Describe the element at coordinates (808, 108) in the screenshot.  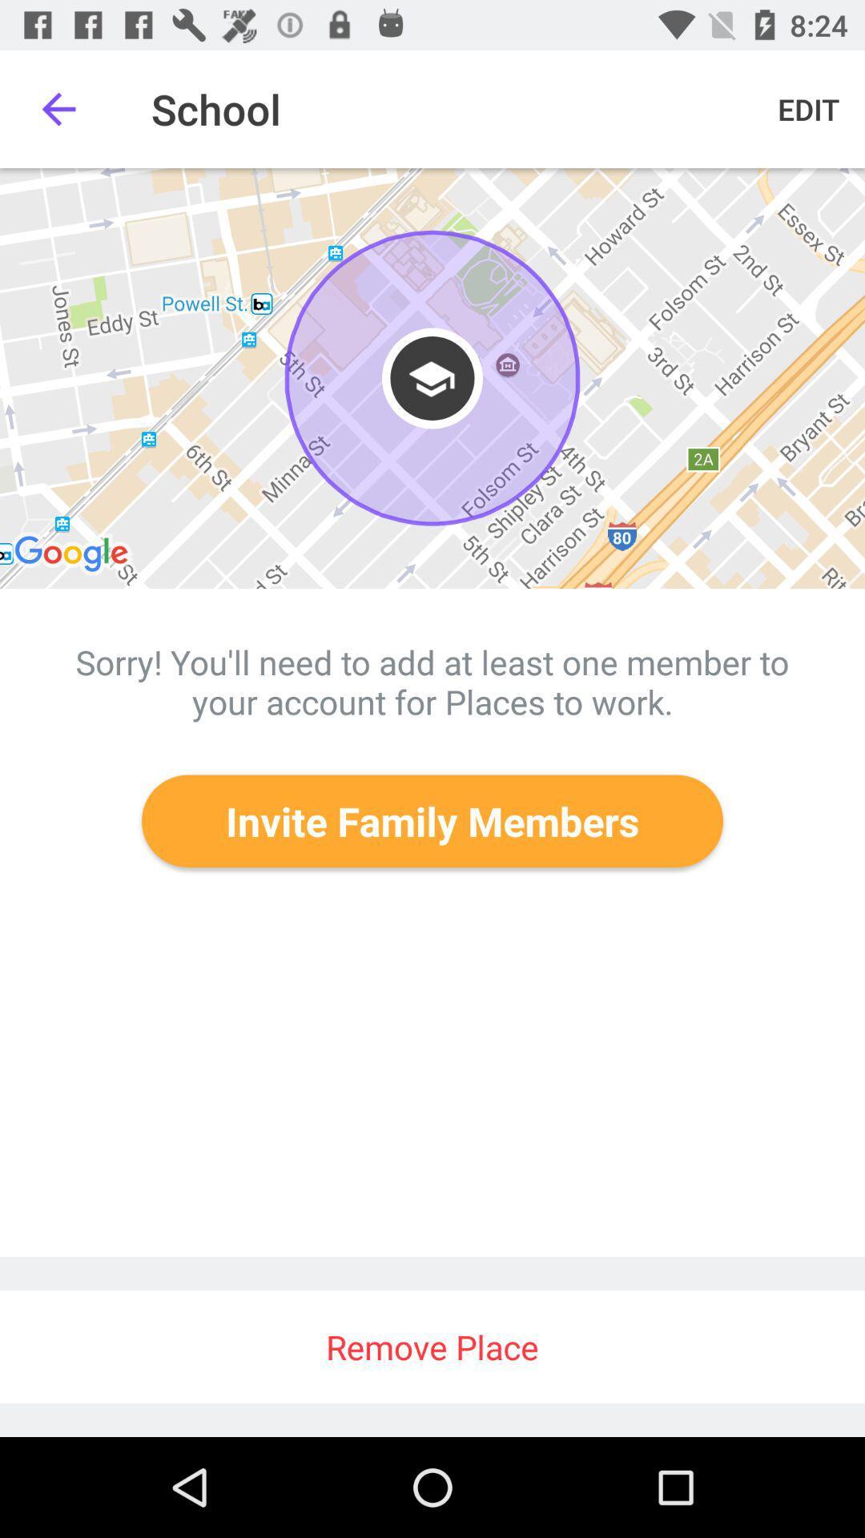
I see `item next to the school` at that location.